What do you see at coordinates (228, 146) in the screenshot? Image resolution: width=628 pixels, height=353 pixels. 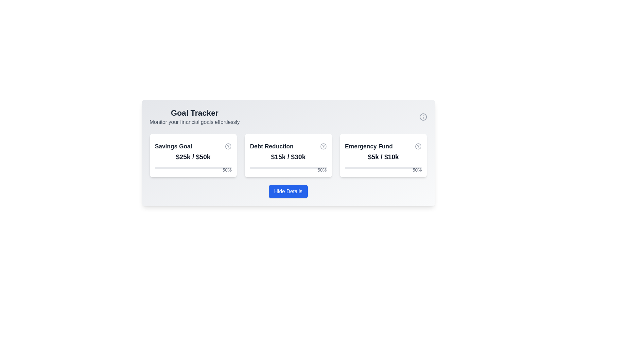 I see `the help icon located at the top-right corner of the 'Savings Goal' card` at bounding box center [228, 146].